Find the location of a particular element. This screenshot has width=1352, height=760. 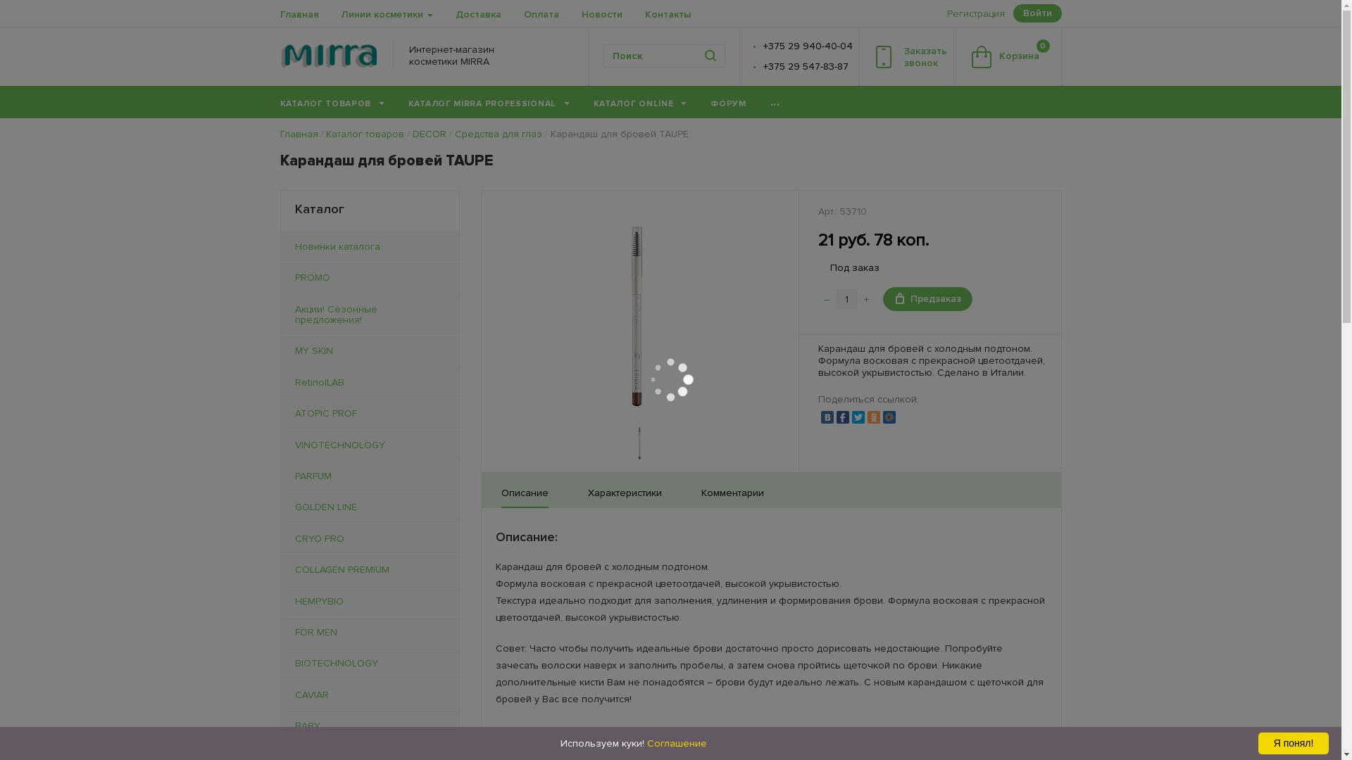

'BABY' is located at coordinates (280, 726).